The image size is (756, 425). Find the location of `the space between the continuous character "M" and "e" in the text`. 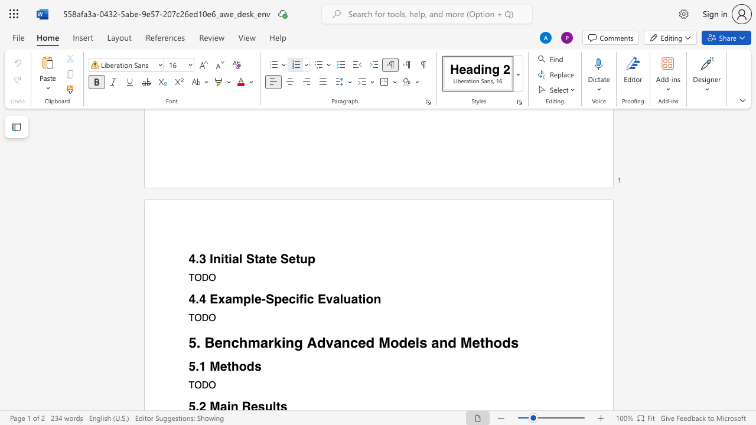

the space between the continuous character "M" and "e" in the text is located at coordinates (219, 366).